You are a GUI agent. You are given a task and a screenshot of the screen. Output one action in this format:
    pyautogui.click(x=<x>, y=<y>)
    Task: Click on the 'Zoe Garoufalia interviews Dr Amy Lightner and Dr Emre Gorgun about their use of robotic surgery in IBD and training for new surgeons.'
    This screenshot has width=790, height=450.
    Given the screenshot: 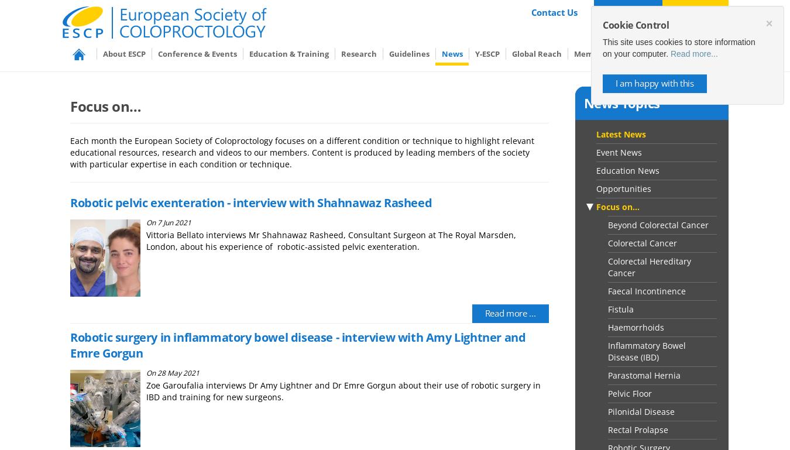 What is the action you would take?
    pyautogui.click(x=343, y=390)
    